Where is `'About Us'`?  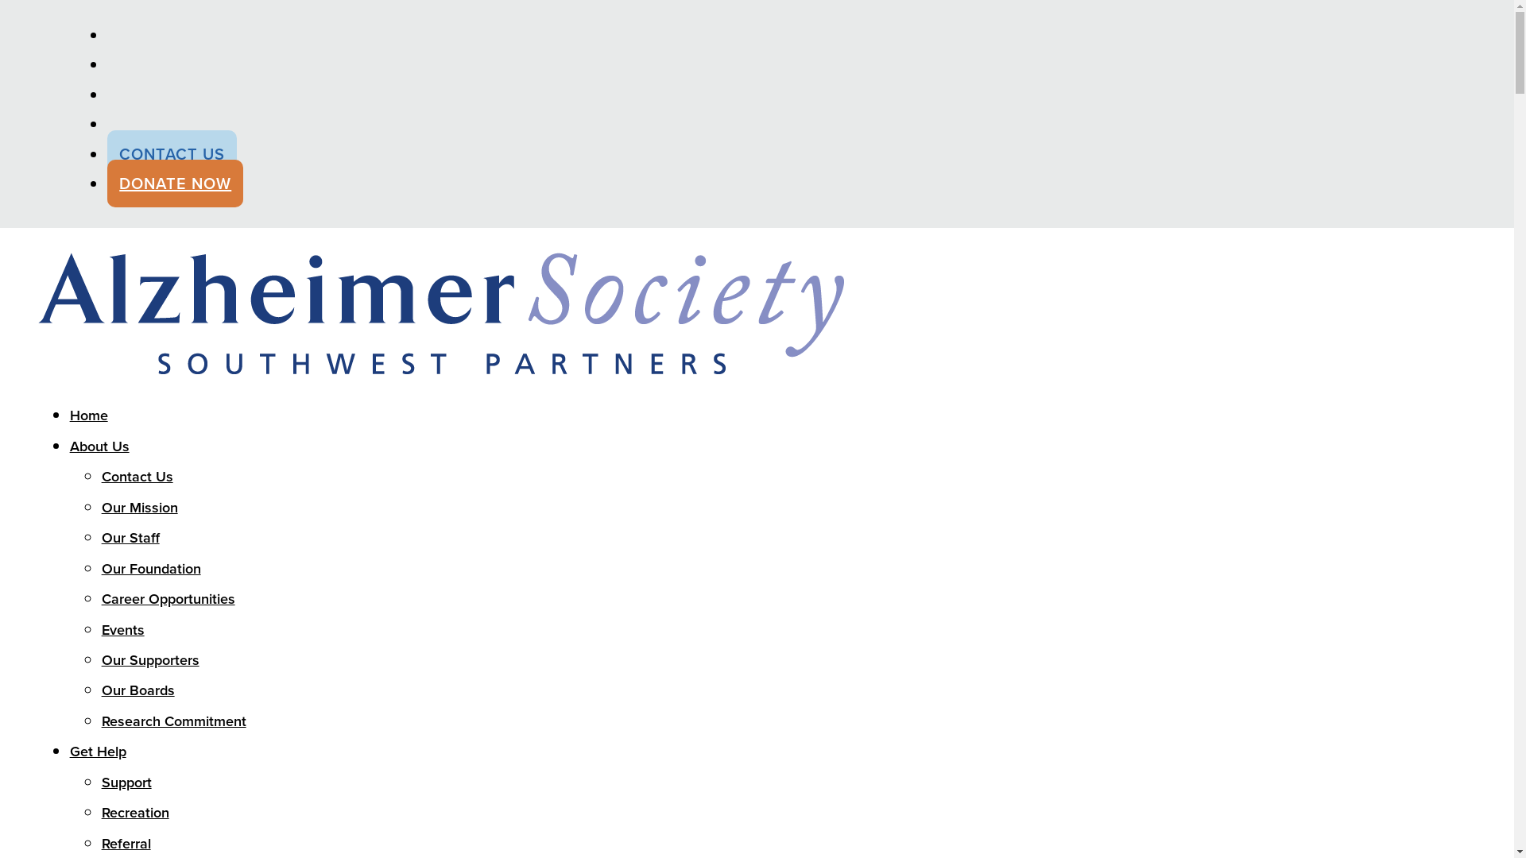
'About Us' is located at coordinates (99, 446).